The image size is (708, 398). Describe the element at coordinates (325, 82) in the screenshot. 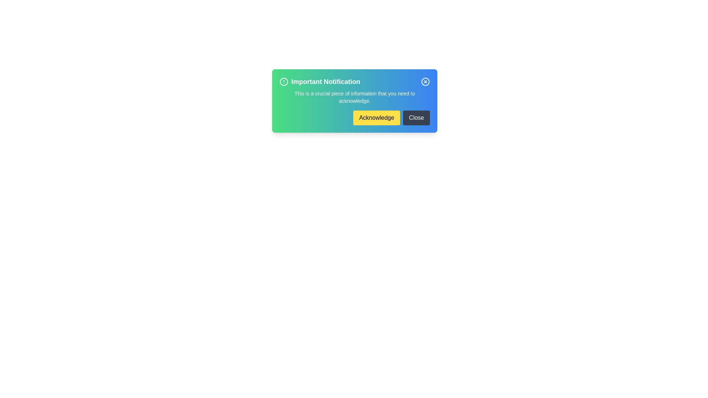

I see `the heading text element 'Important Notification', which is styled with a large bold font in white color and located within a gradient box transitioning from green to blue` at that location.